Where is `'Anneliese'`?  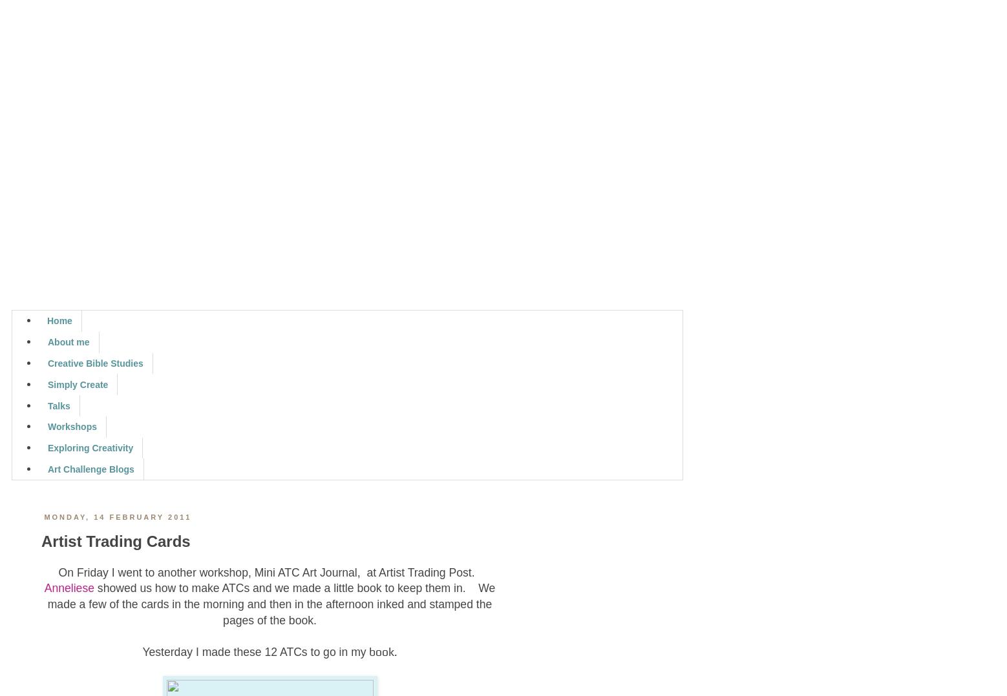
'Anneliese' is located at coordinates (68, 588).